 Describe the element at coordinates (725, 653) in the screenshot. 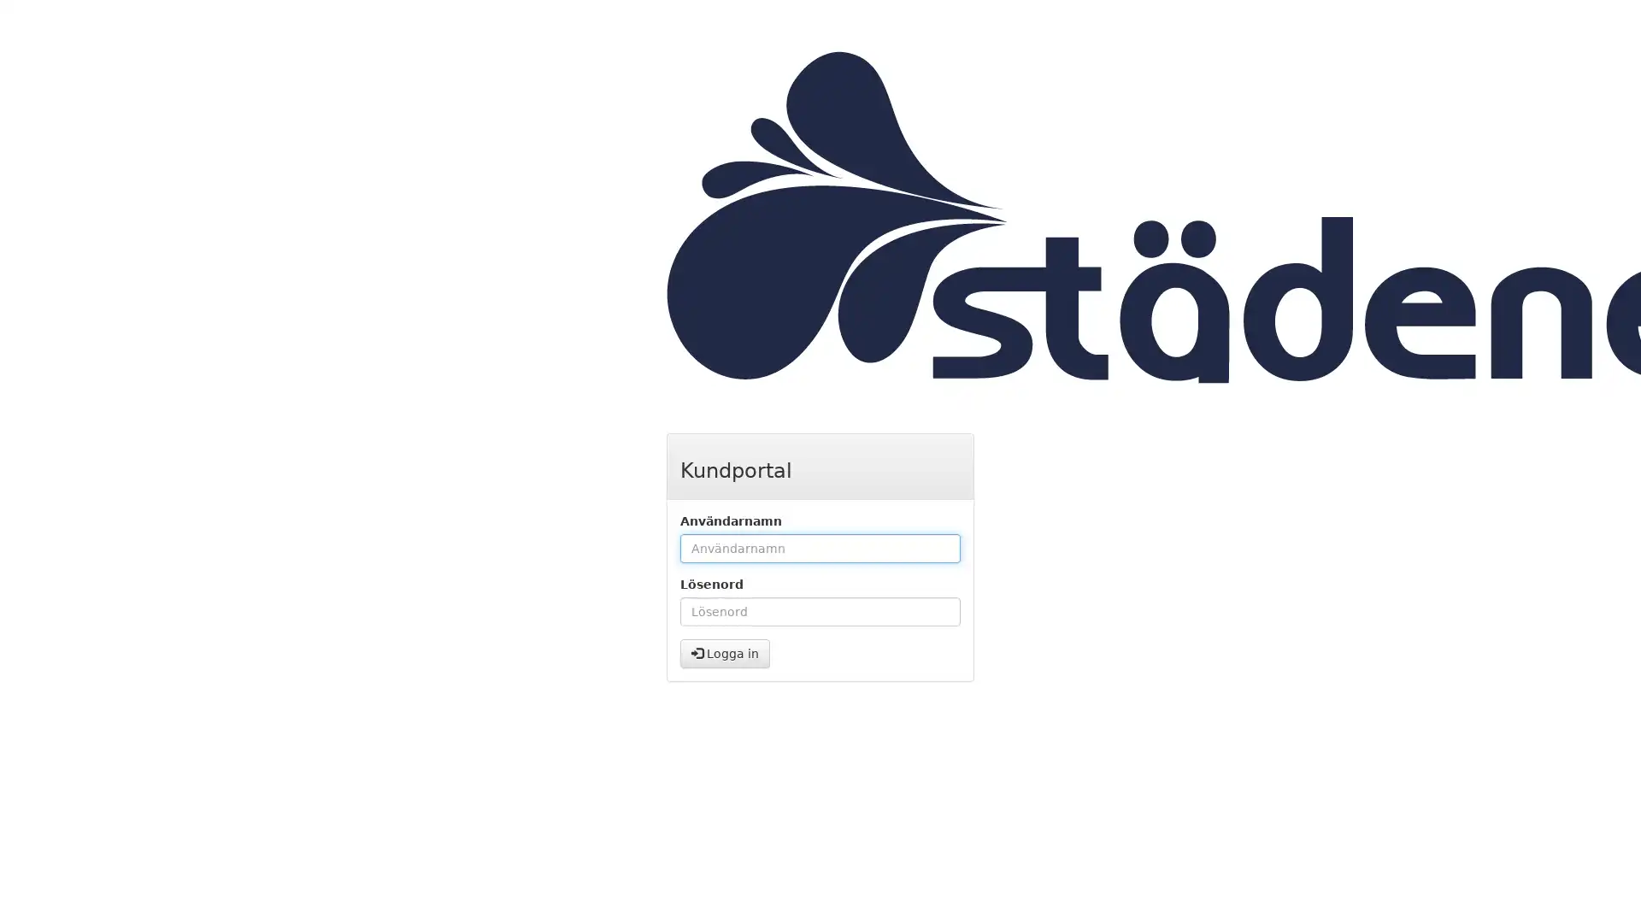

I see `Logga in` at that location.